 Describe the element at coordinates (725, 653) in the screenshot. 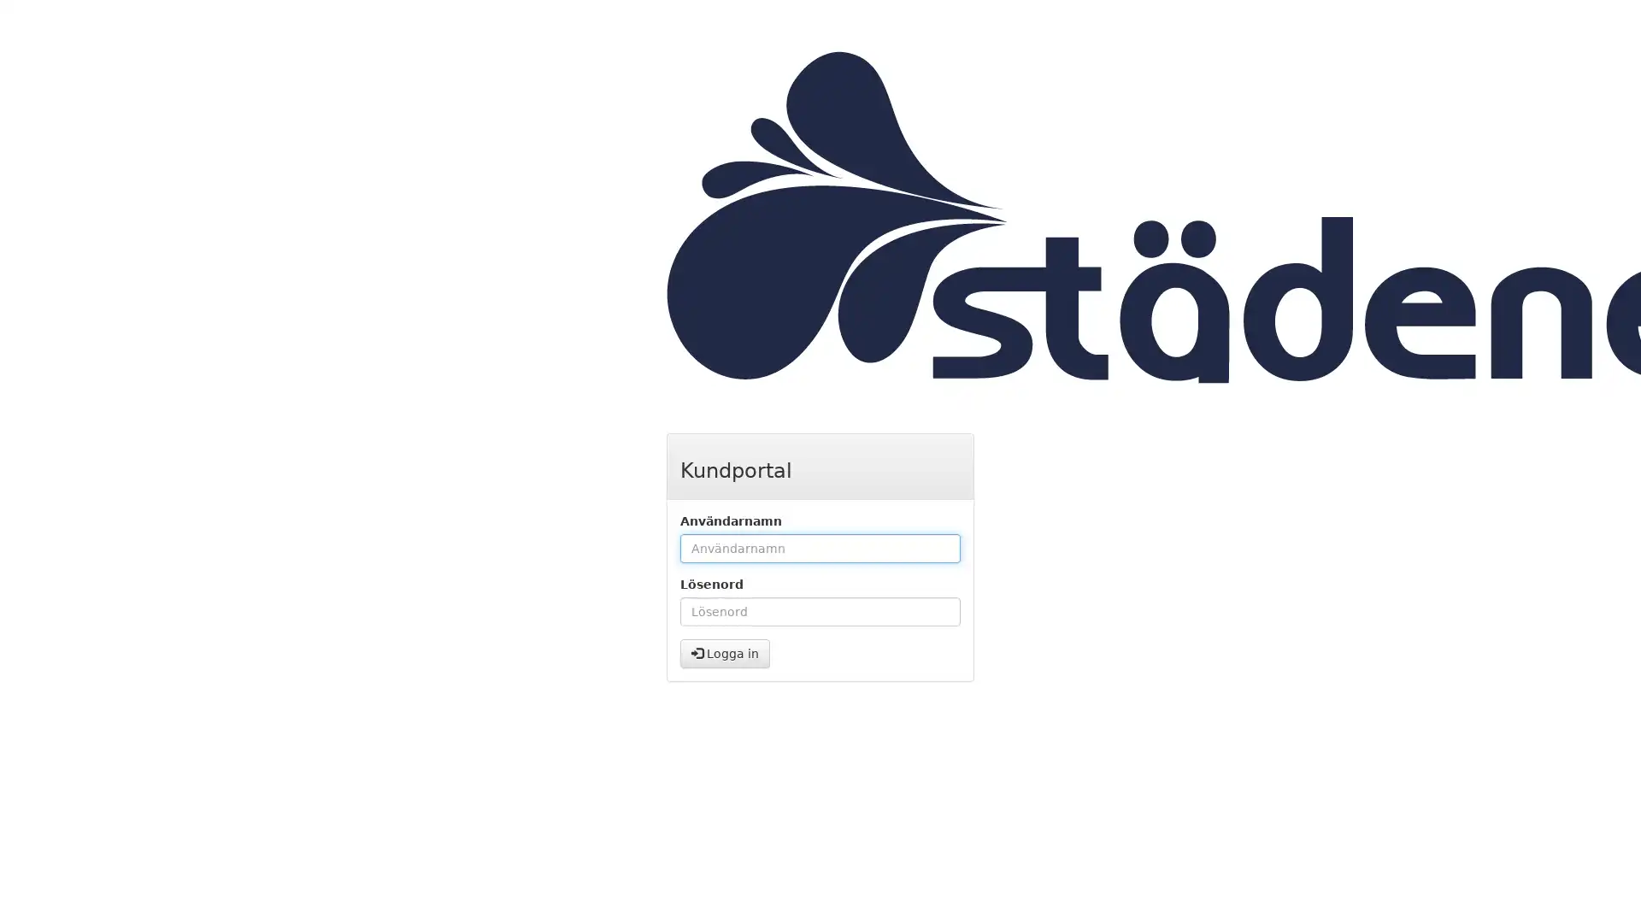

I see `Logga in` at that location.